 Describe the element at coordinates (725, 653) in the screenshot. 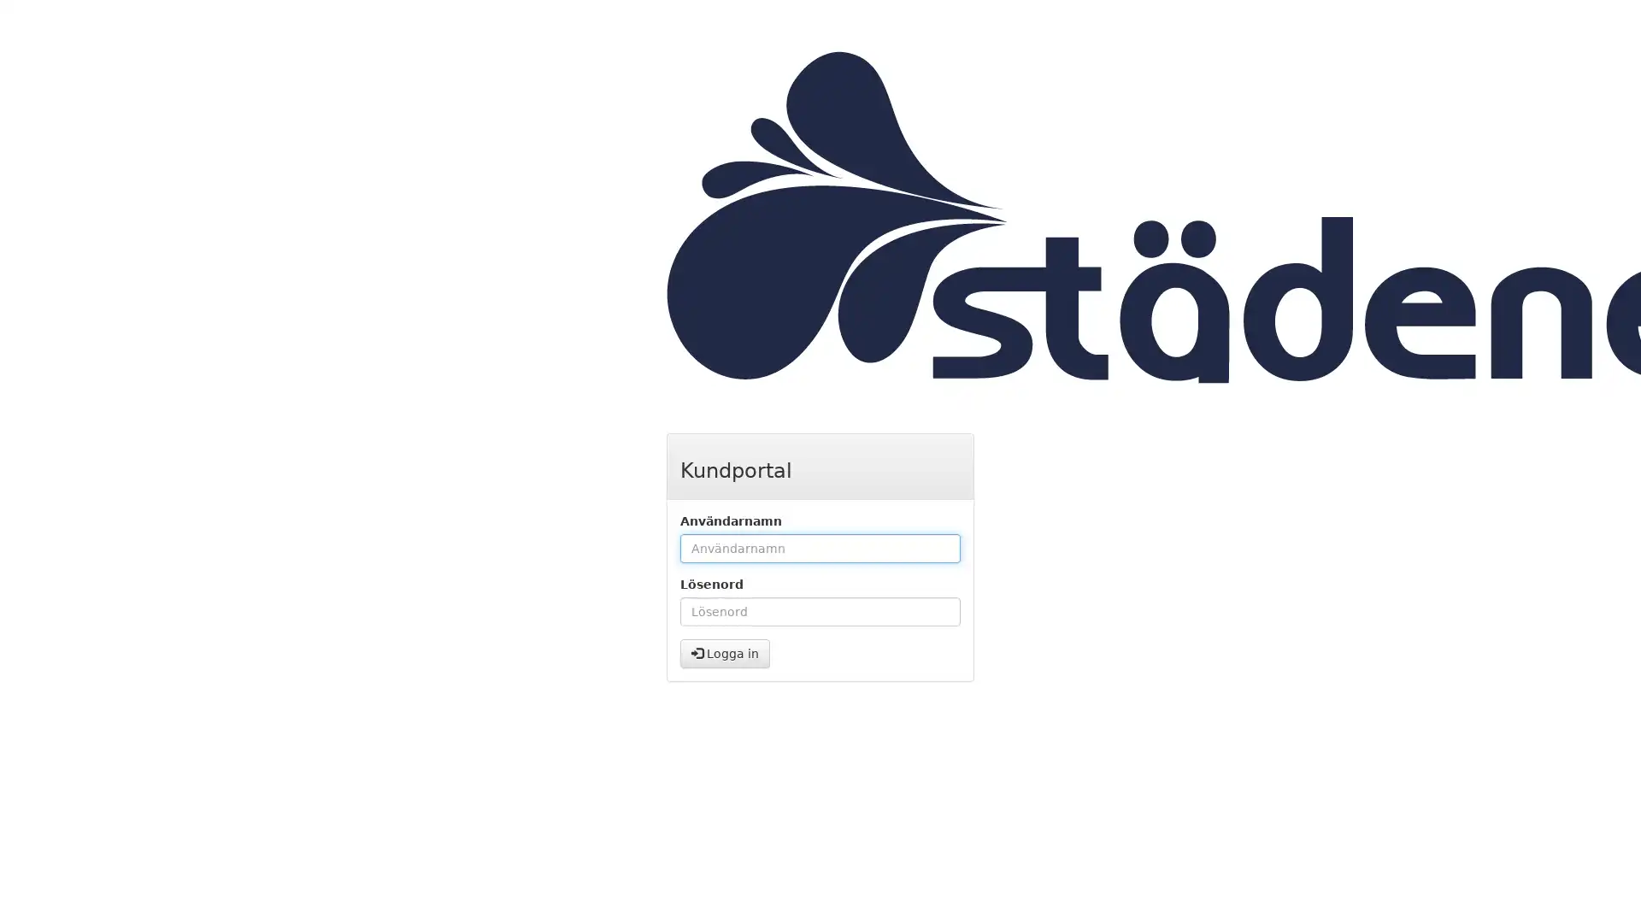

I see `Logga in` at that location.